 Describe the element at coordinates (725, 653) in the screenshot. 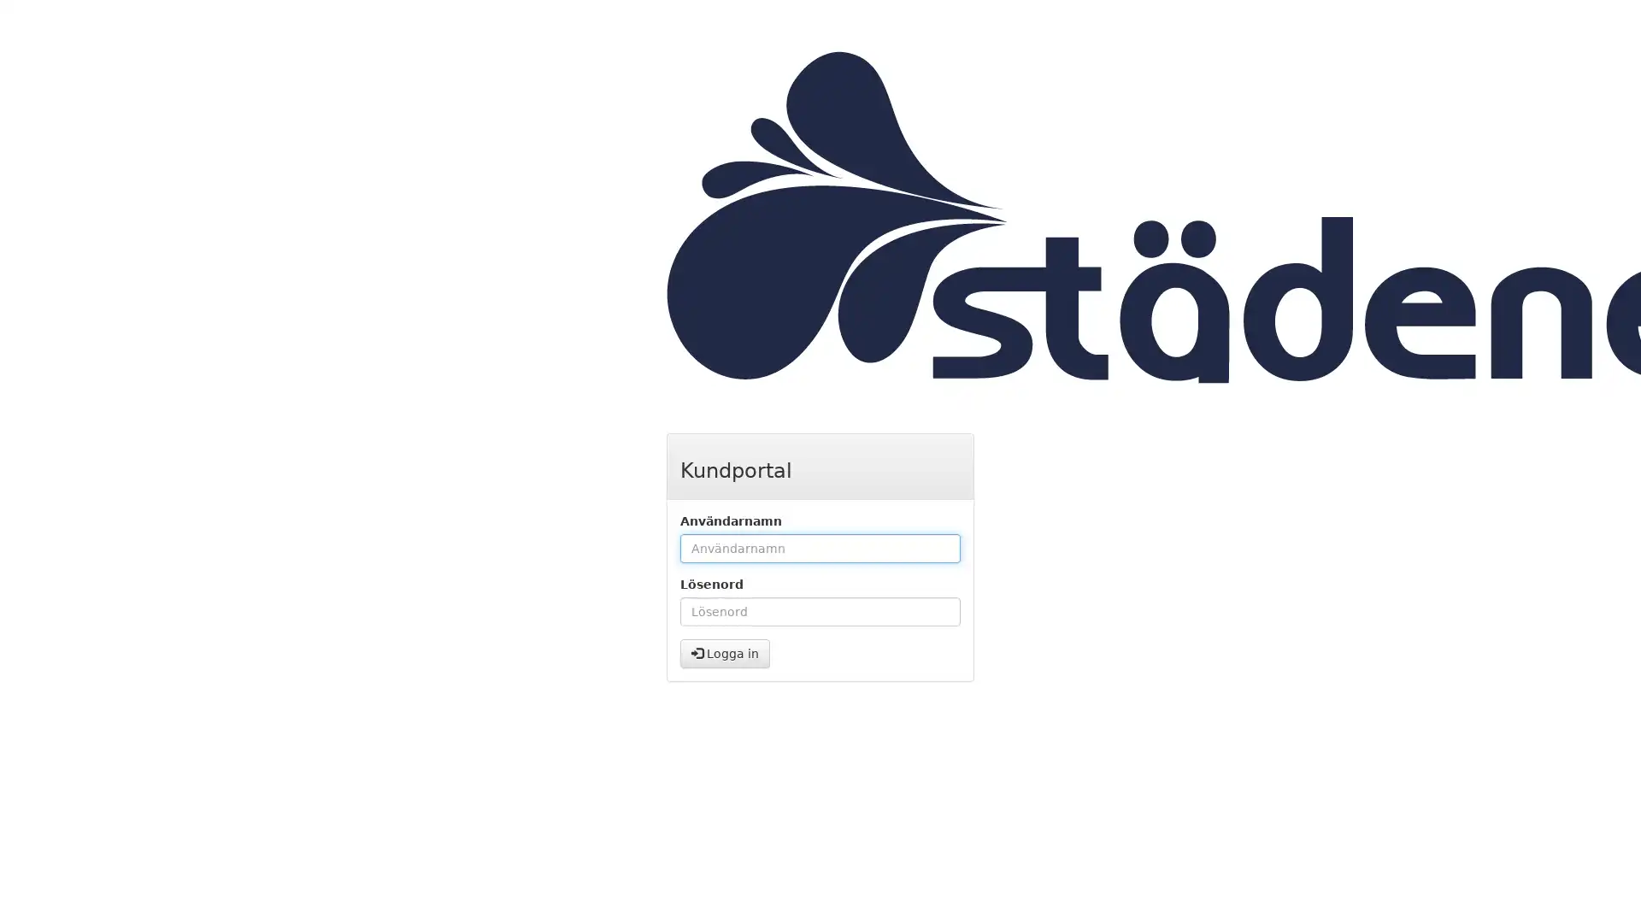

I see `Logga in` at that location.